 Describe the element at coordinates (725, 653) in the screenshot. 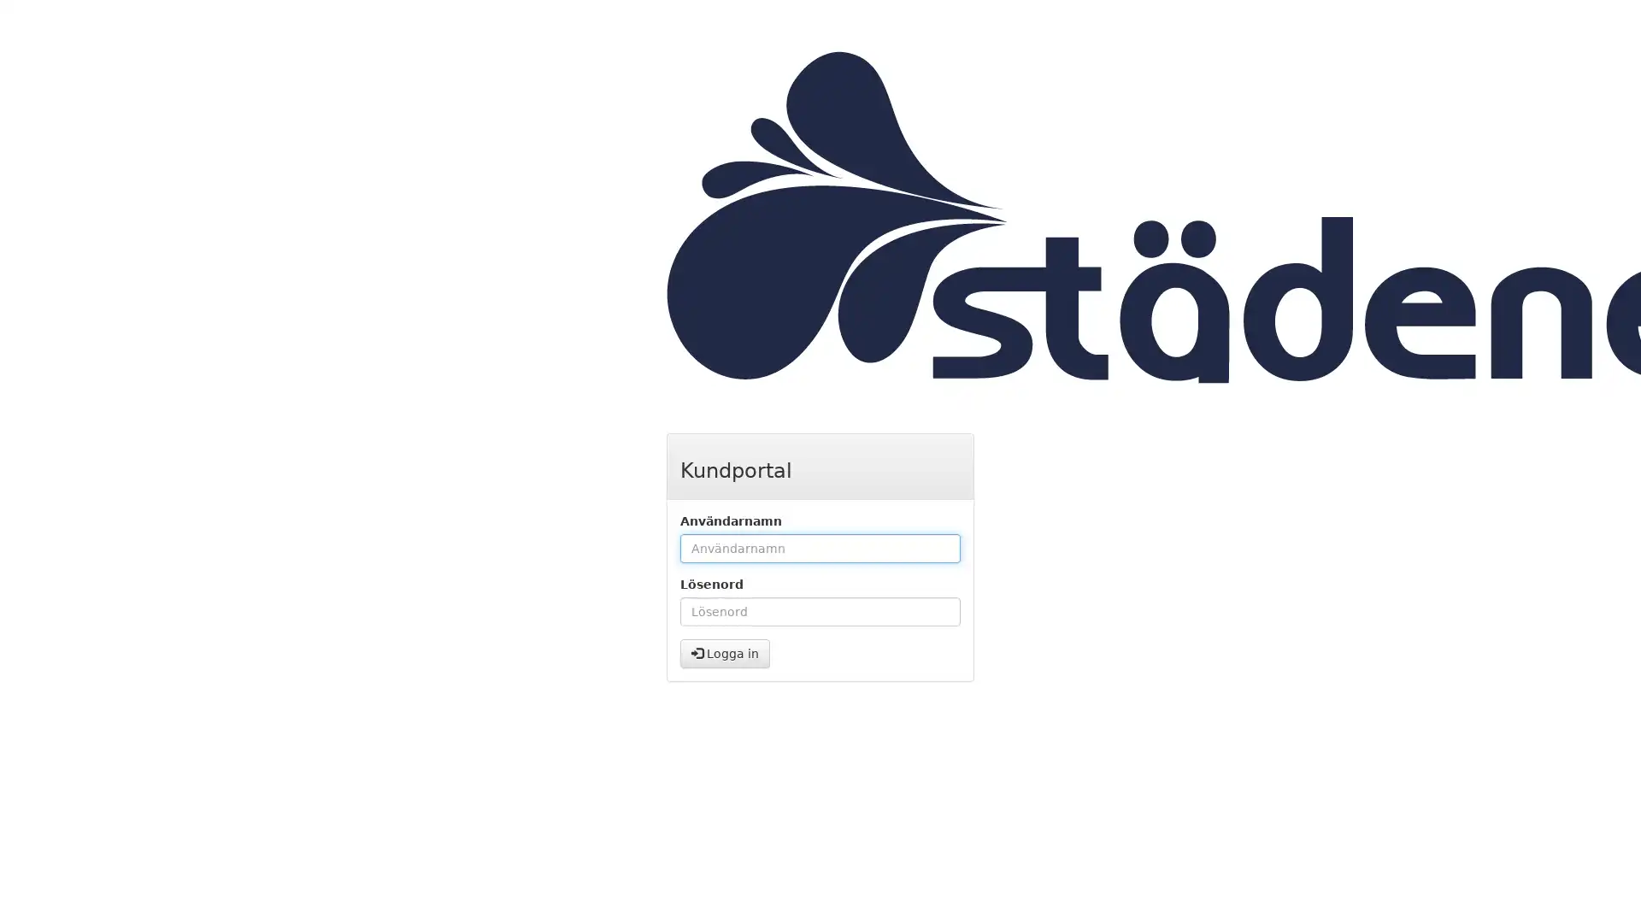

I see `Logga in` at that location.